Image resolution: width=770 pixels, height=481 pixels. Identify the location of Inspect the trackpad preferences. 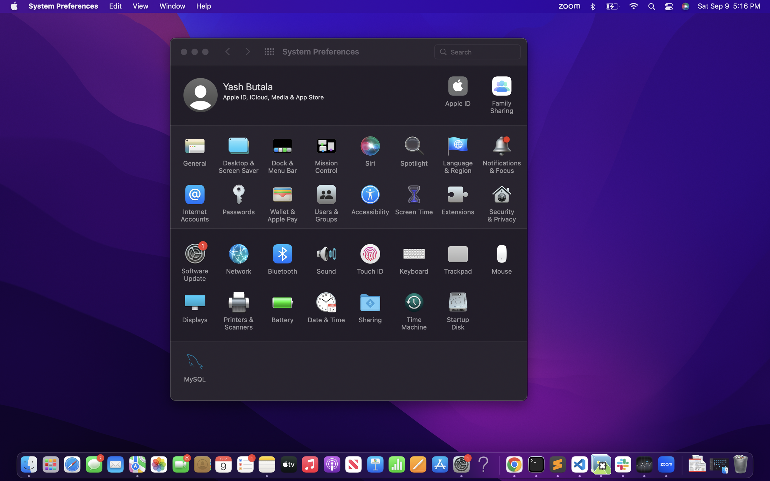
(458, 257).